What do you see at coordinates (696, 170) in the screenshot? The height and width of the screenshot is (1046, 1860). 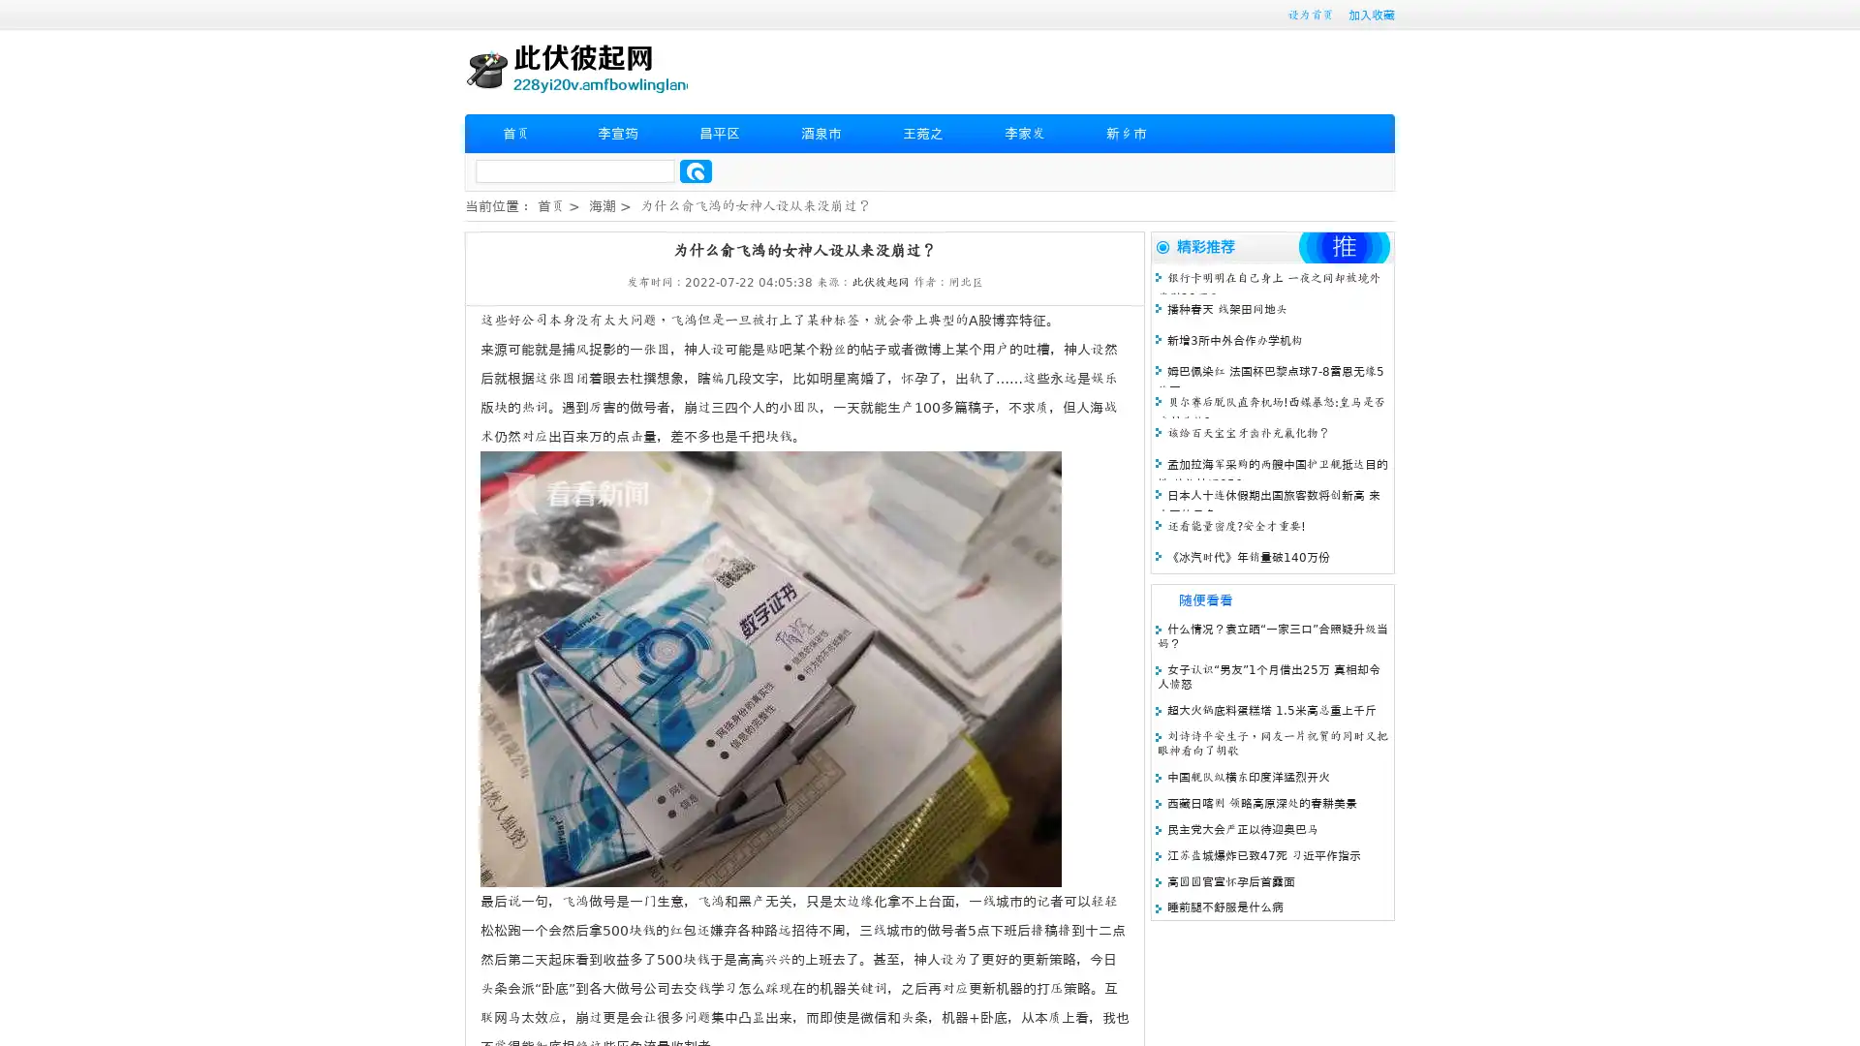 I see `Search` at bounding box center [696, 170].